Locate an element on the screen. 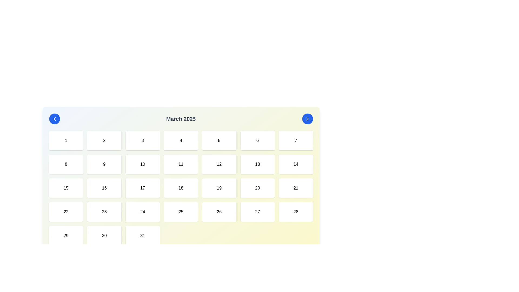 Image resolution: width=519 pixels, height=292 pixels. the second day button in the calendar view is located at coordinates (104, 140).